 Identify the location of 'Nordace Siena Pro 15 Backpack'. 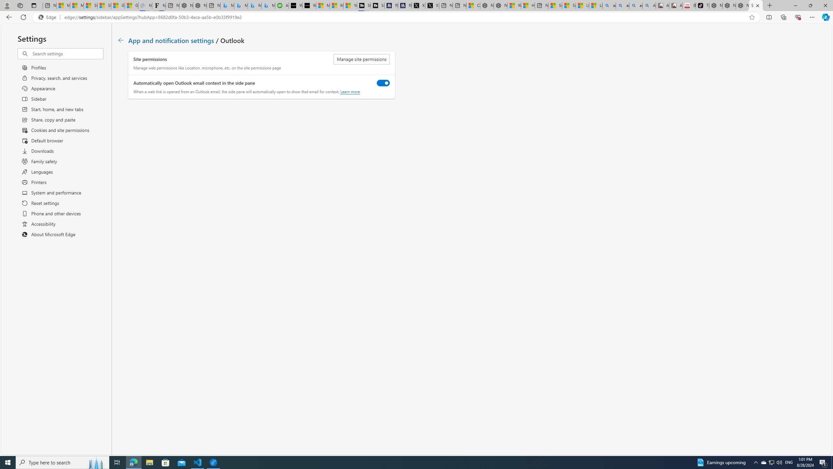
(729, 5).